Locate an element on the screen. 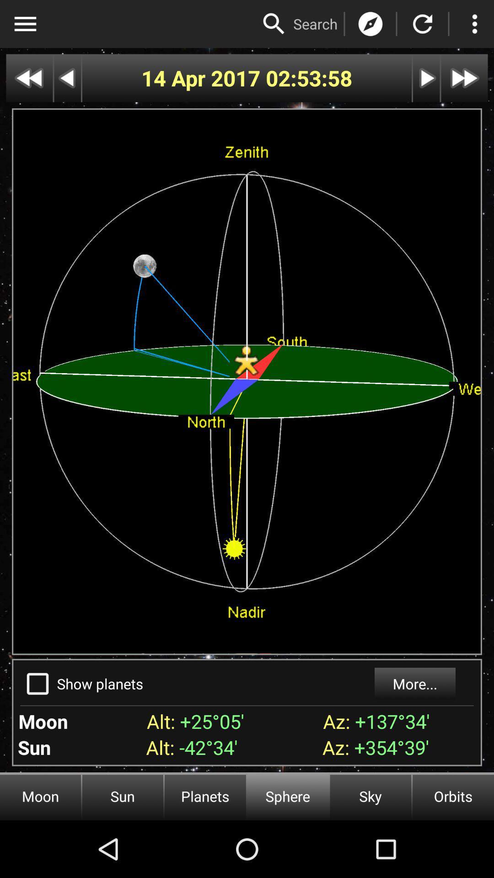 The height and width of the screenshot is (878, 494). the 02:53:58 icon is located at coordinates (309, 78).